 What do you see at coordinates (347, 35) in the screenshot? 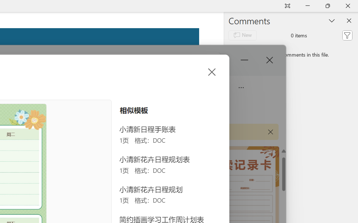
I see `'Filter'` at bounding box center [347, 35].